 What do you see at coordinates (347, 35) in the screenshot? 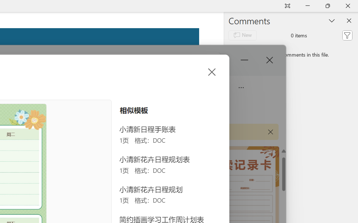
I see `'Filter'` at bounding box center [347, 35].